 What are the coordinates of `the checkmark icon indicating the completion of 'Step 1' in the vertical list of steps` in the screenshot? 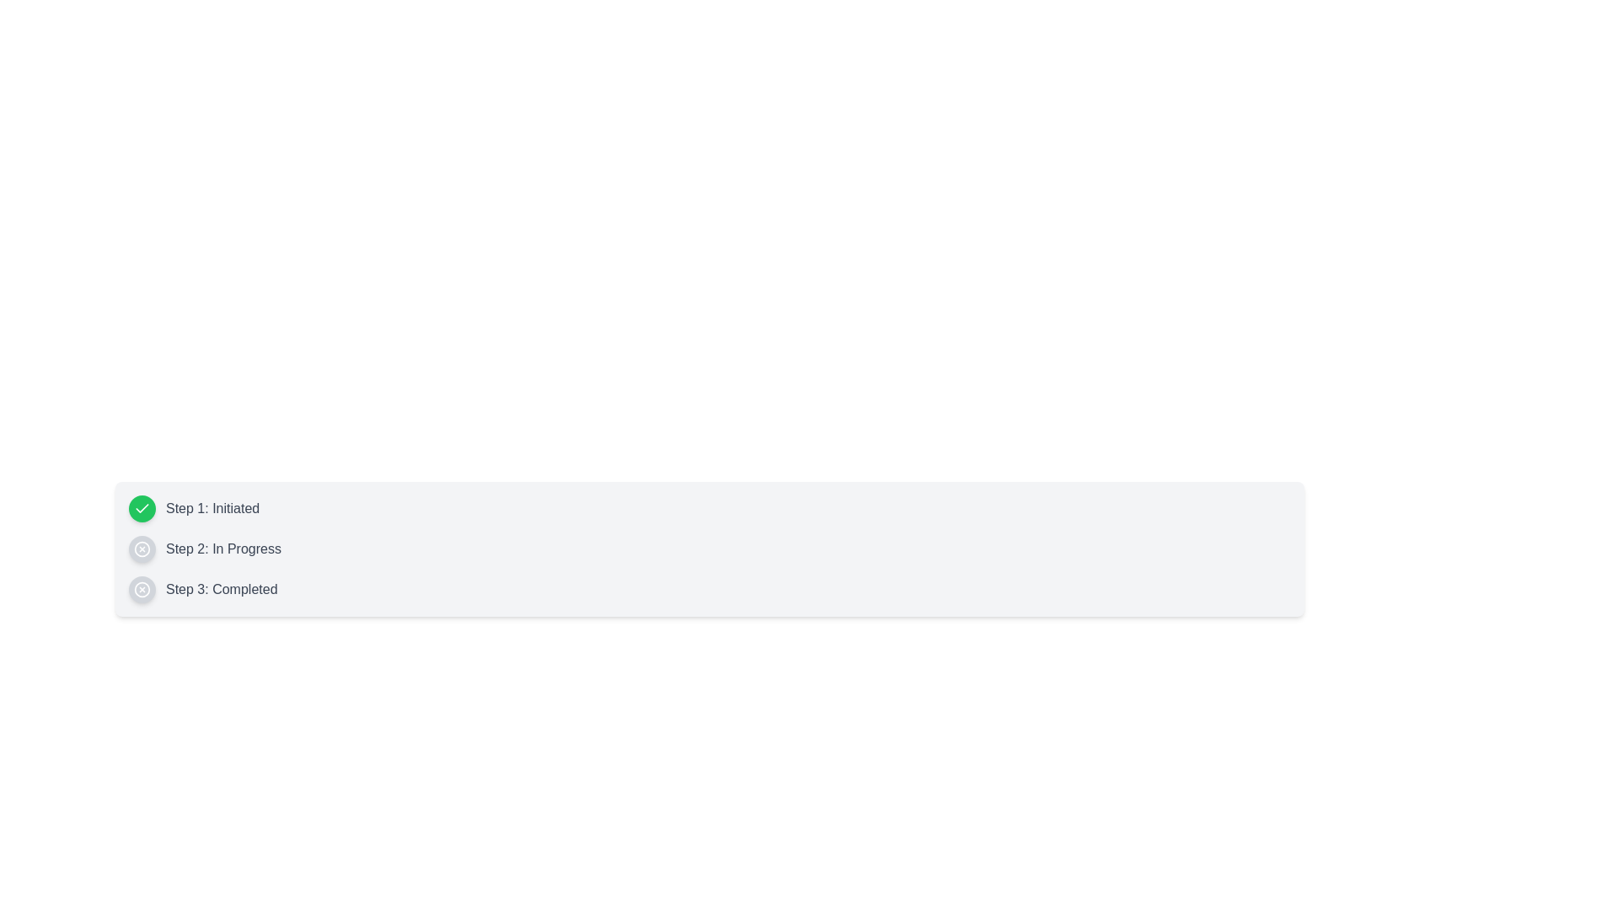 It's located at (142, 506).